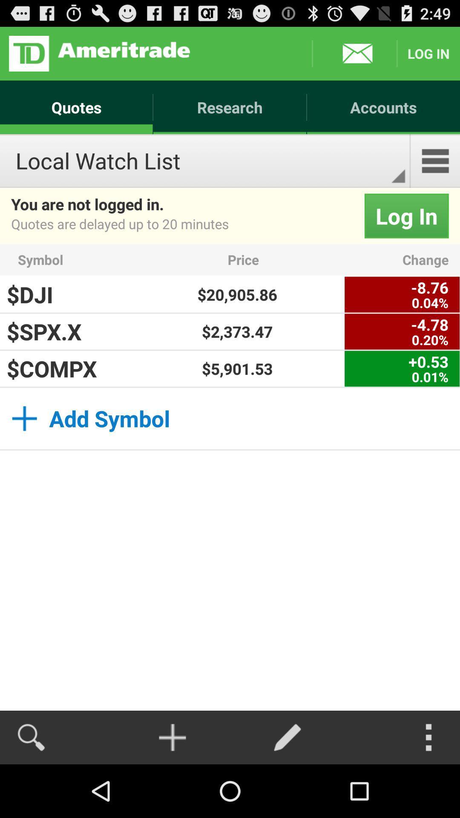  I want to click on item to the left of the $5,901.53 item, so click(62, 369).